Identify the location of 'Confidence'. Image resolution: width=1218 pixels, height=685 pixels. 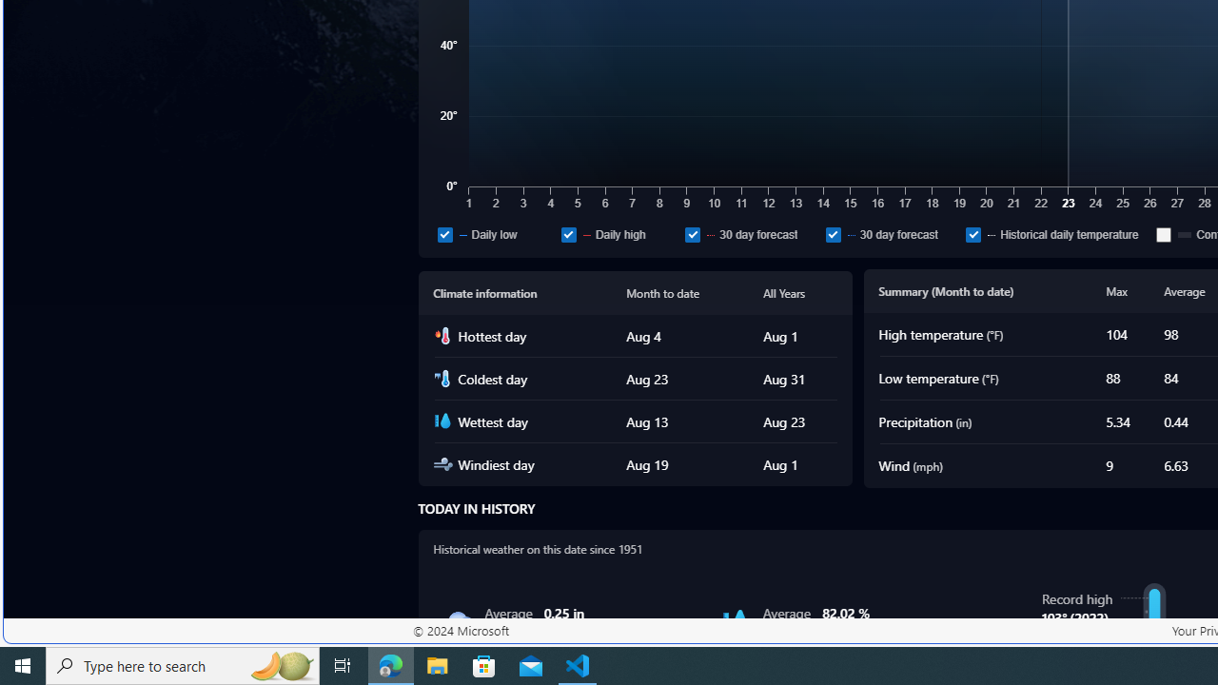
(1163, 233).